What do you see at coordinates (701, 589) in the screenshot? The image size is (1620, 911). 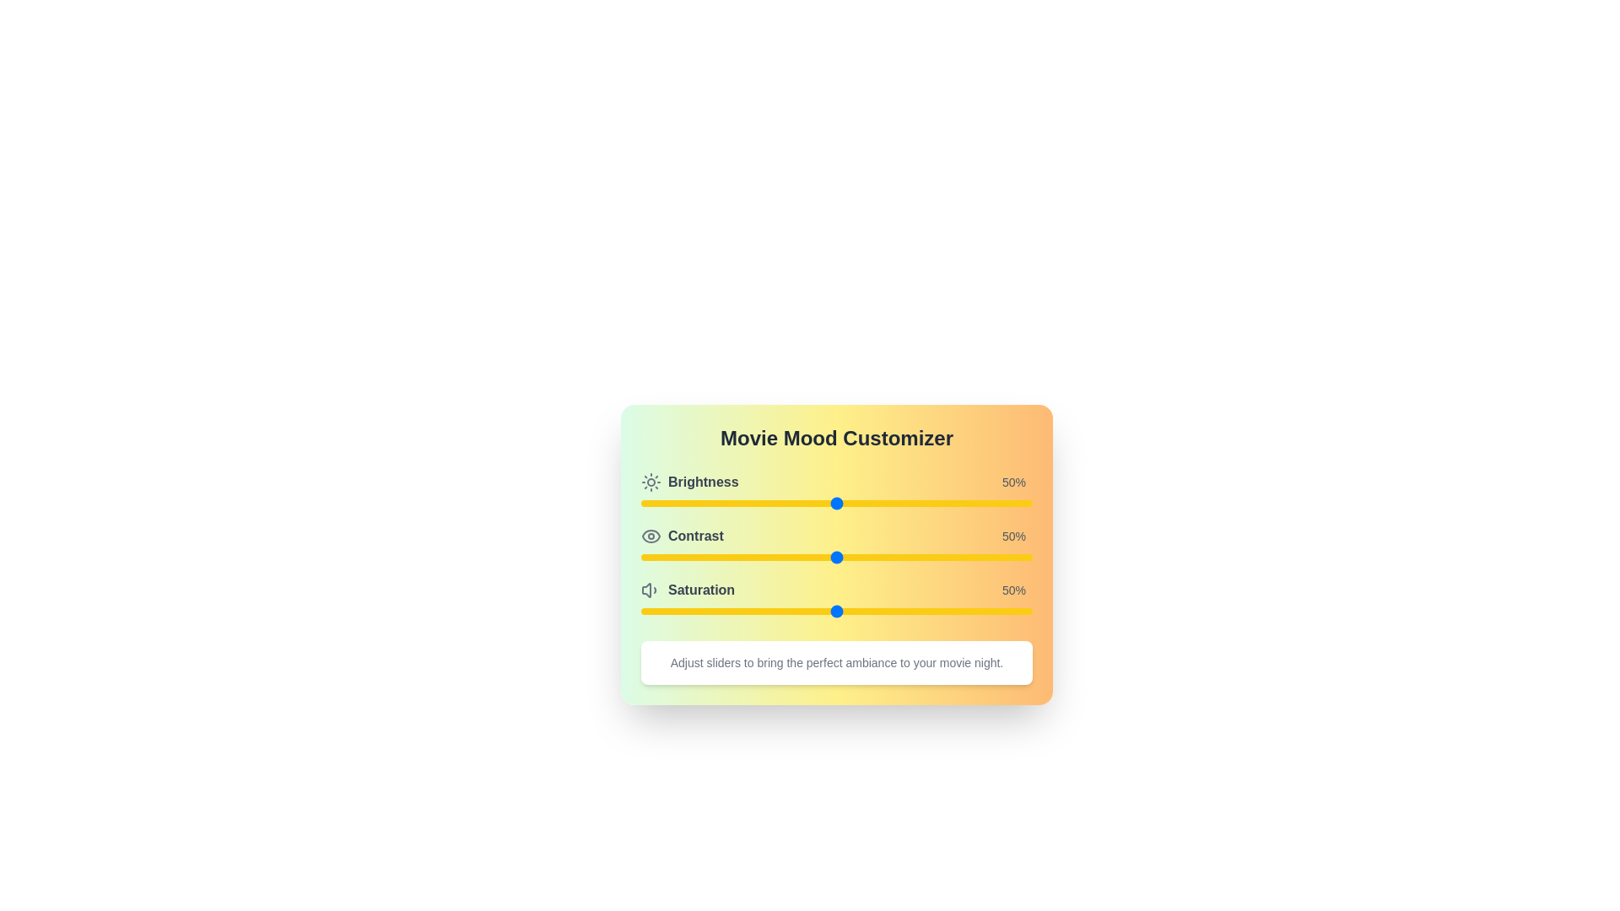 I see `the 'Saturation' label text, which is displayed in a bold, gray font and is located next to a speaker icon within the 'Movie Mood Customizer' module` at bounding box center [701, 589].